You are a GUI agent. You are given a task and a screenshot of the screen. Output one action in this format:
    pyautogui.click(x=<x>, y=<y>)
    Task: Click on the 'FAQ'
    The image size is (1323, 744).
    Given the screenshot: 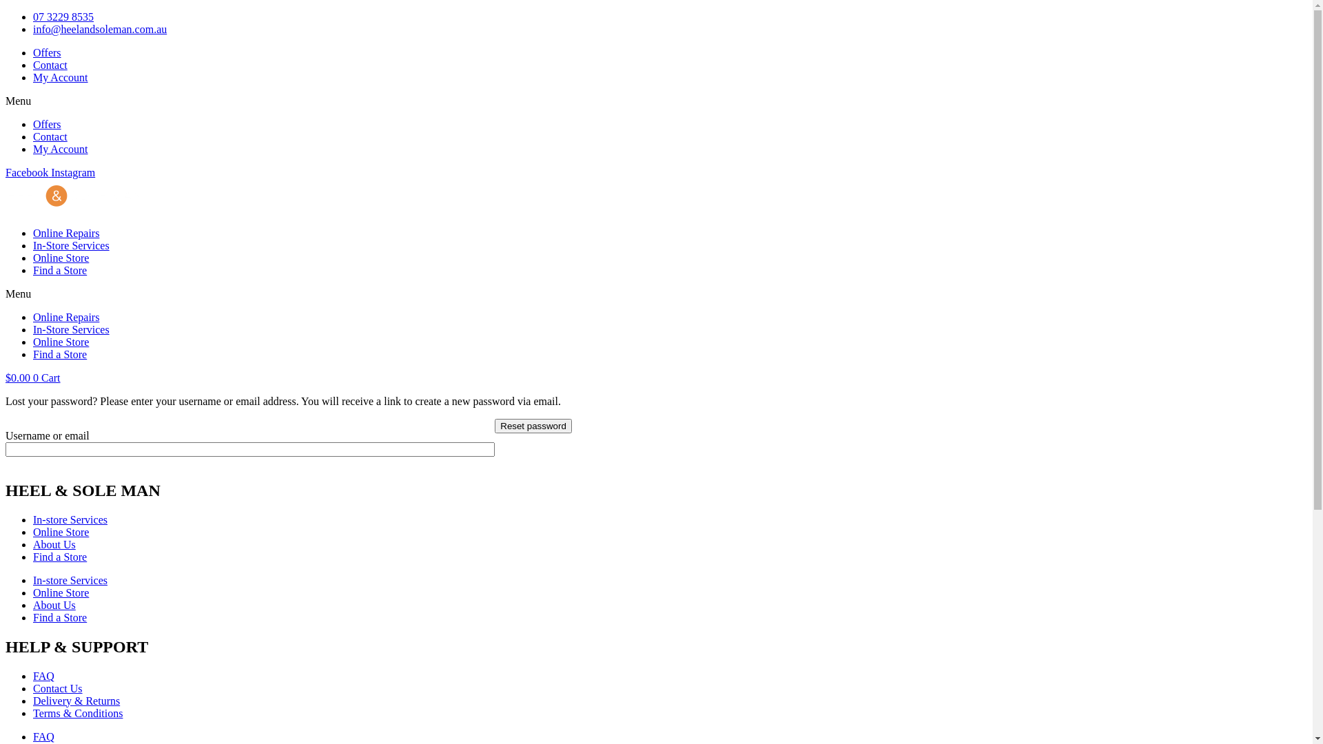 What is the action you would take?
    pyautogui.click(x=43, y=675)
    